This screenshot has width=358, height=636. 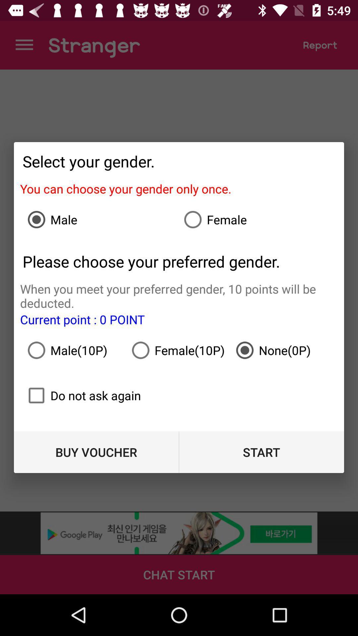 I want to click on the icon above start, so click(x=283, y=350).